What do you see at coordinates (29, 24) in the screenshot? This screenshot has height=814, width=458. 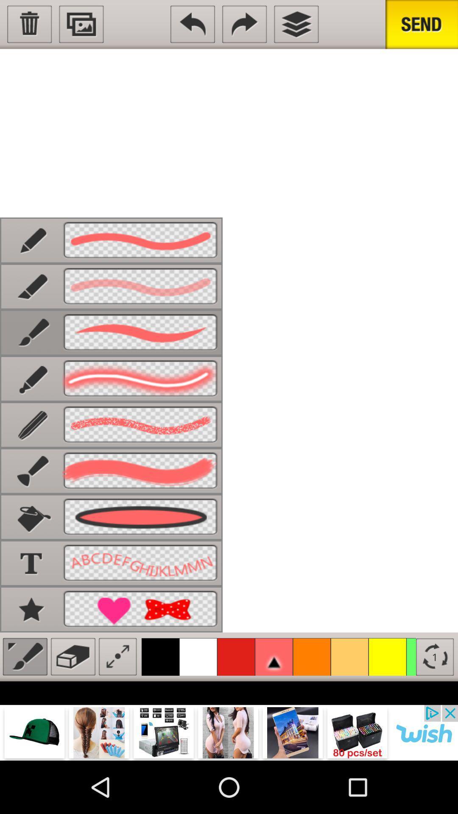 I see `delete` at bounding box center [29, 24].